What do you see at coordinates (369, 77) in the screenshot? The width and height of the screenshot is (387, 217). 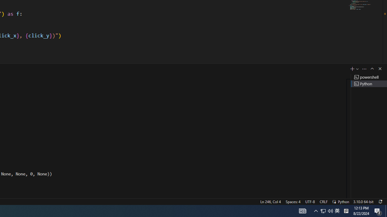 I see `'Terminal 1 powershell'` at bounding box center [369, 77].